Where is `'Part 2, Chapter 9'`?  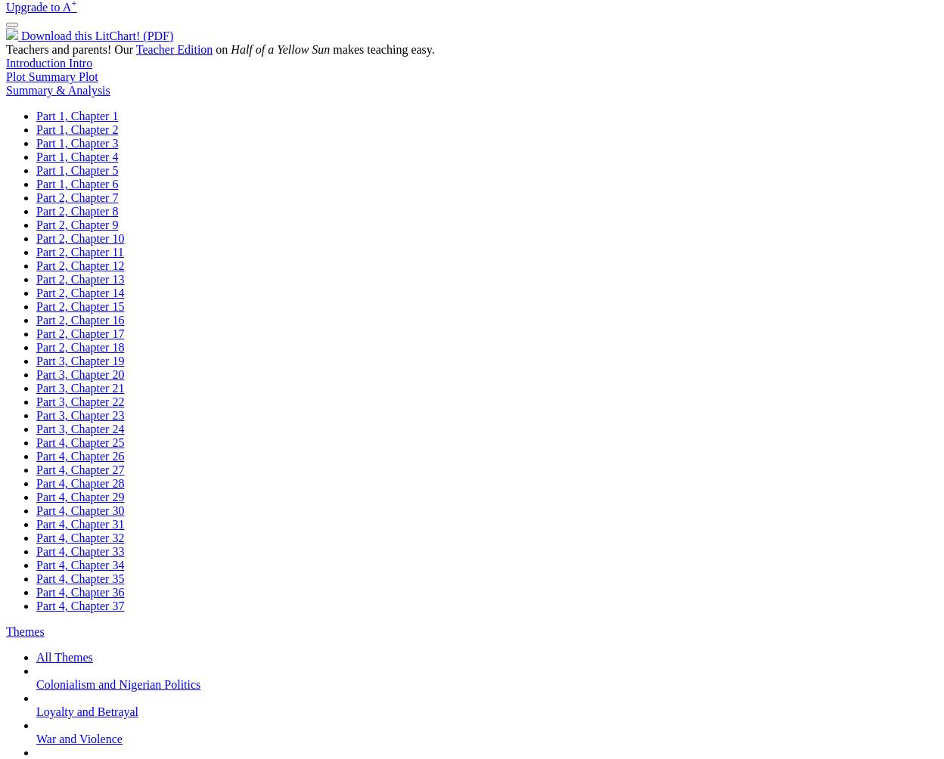 'Part 2, Chapter 9' is located at coordinates (76, 225).